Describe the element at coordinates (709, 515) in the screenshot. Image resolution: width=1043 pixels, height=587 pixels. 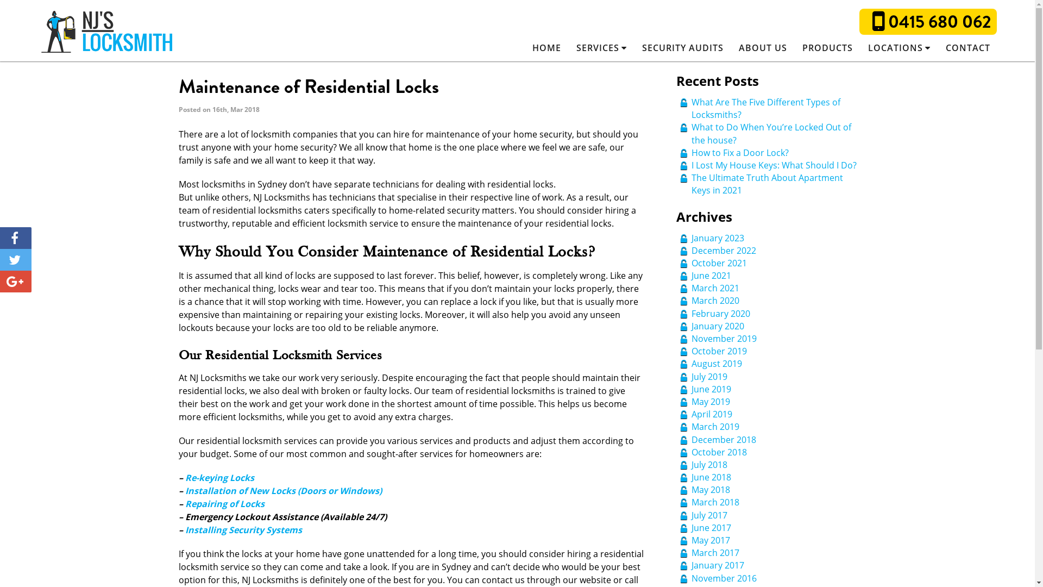
I see `'July 2017'` at that location.